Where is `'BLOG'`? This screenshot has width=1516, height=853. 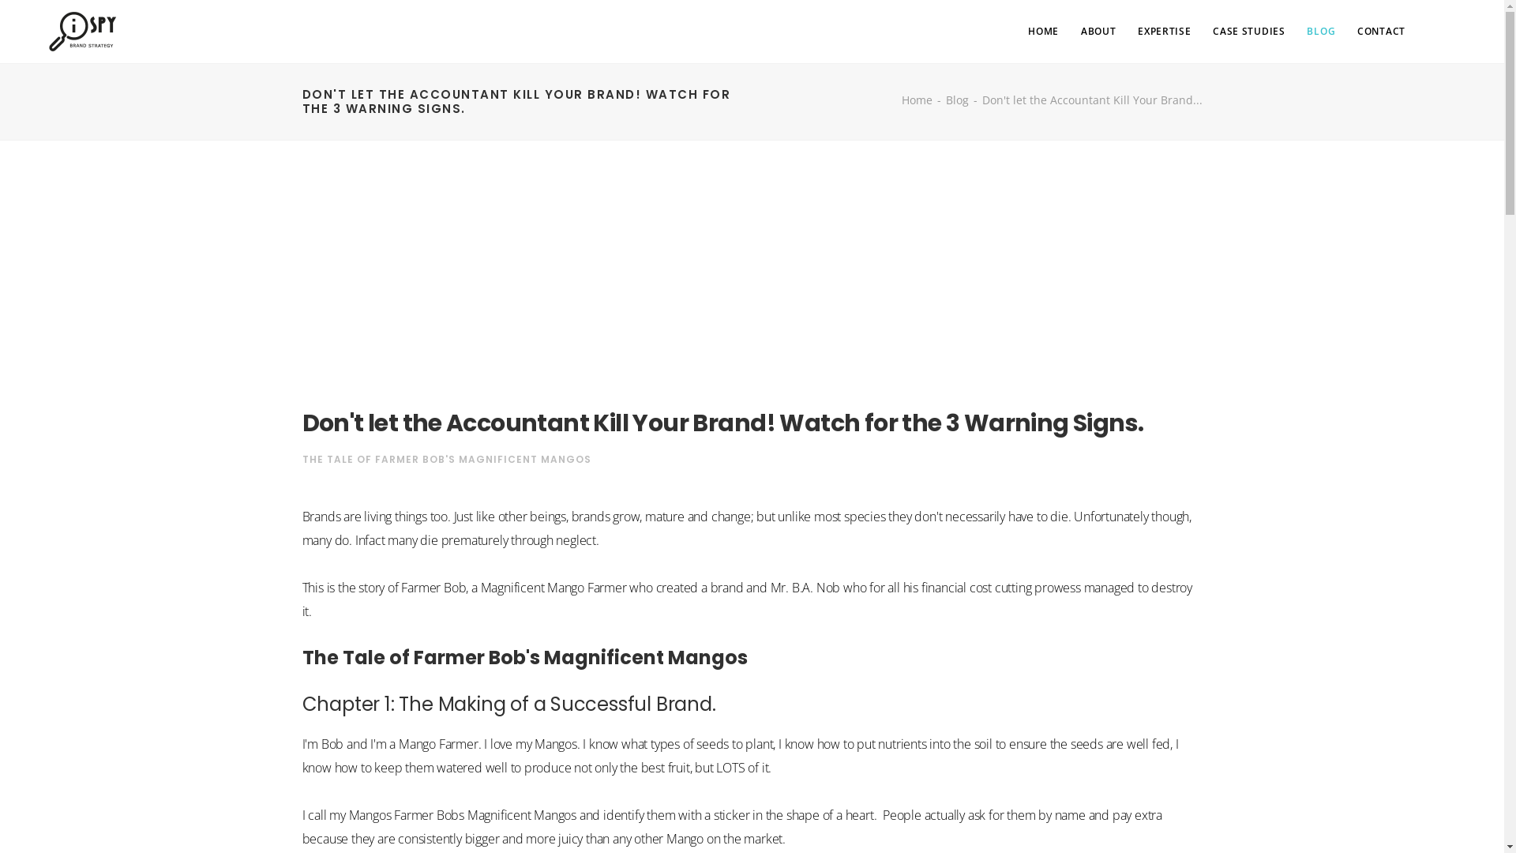
'BLOG' is located at coordinates (1321, 31).